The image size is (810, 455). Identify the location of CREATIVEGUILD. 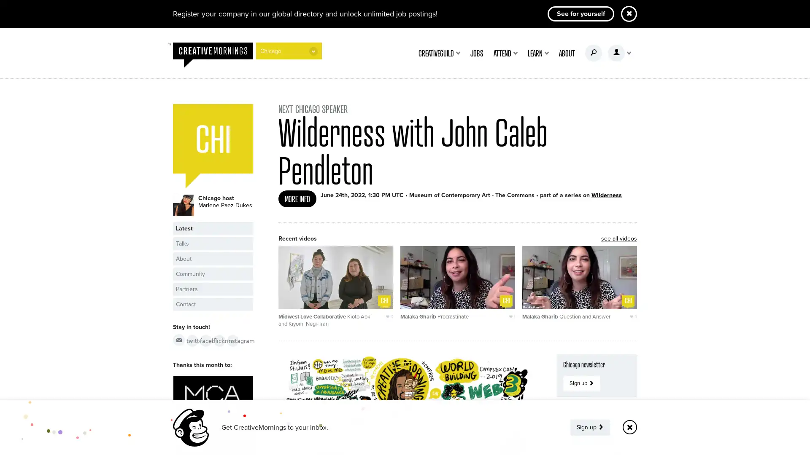
(439, 53).